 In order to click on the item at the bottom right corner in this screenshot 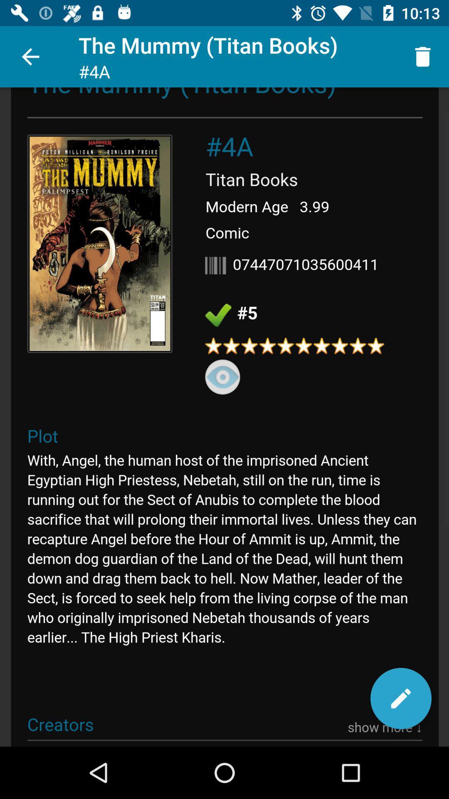, I will do `click(400, 698)`.